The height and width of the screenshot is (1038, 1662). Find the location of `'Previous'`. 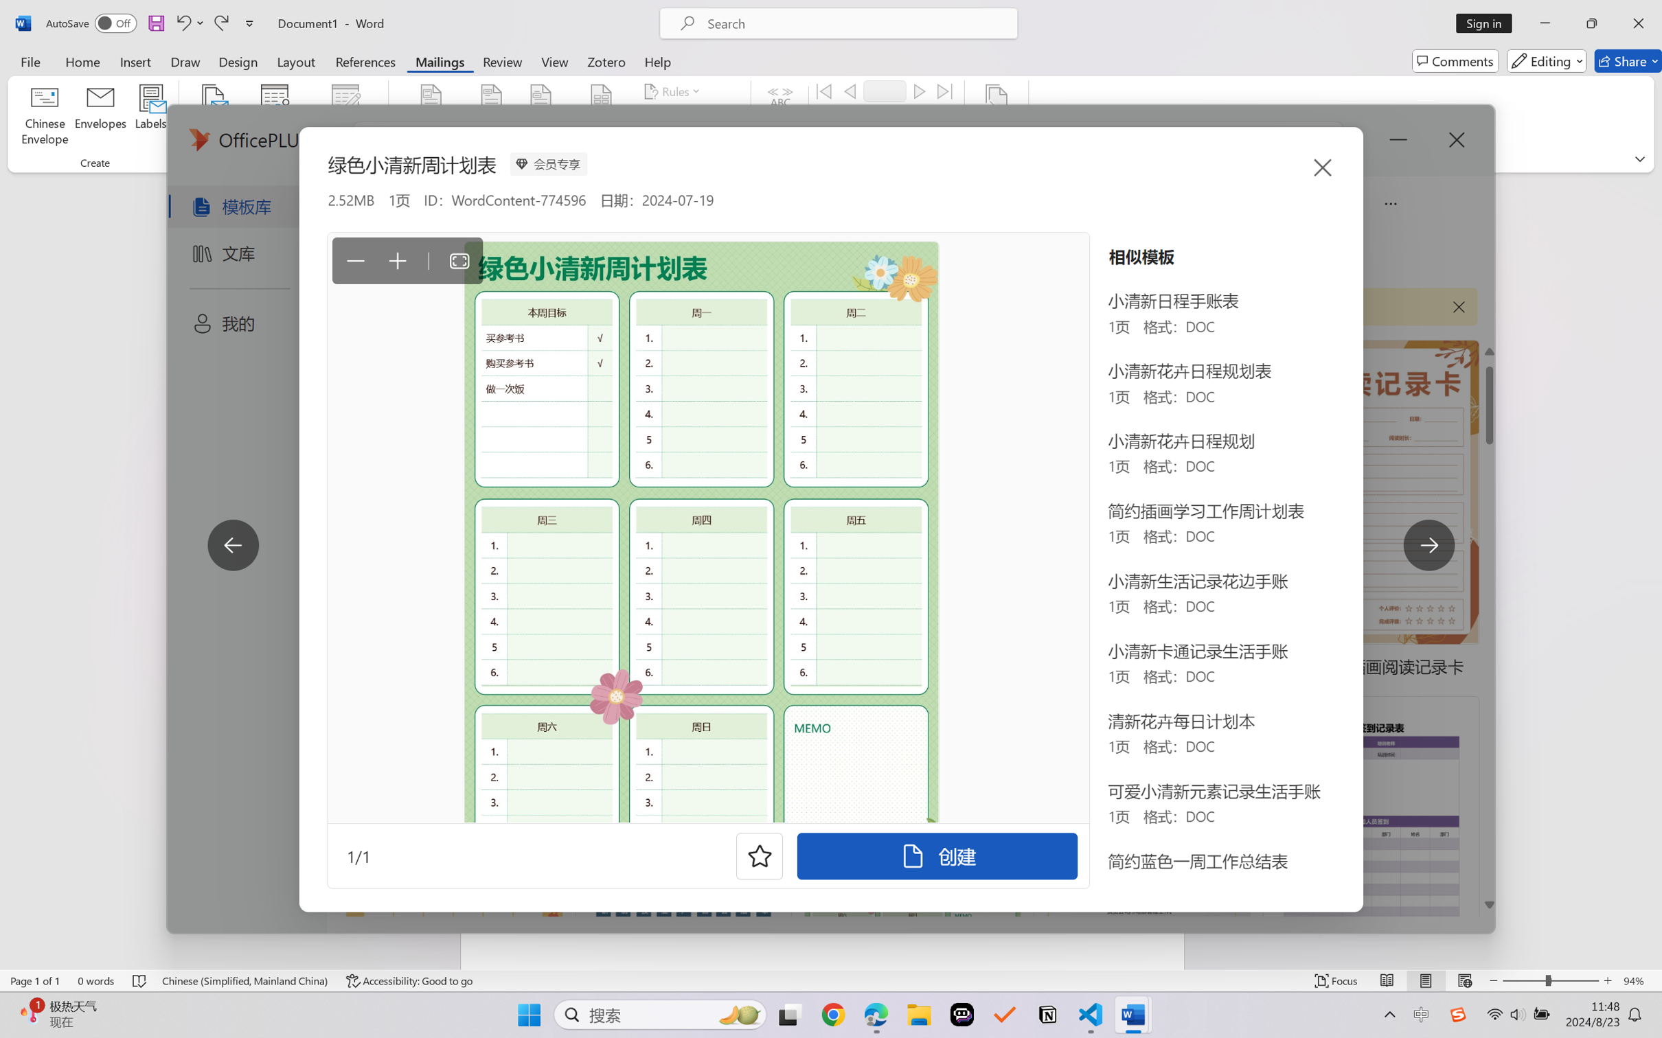

'Previous' is located at coordinates (849, 90).